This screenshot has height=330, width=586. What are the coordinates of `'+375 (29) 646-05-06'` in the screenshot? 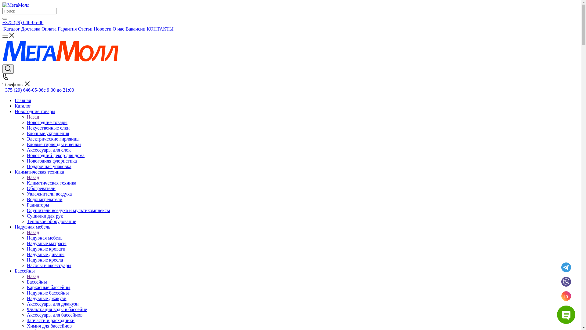 It's located at (2, 22).